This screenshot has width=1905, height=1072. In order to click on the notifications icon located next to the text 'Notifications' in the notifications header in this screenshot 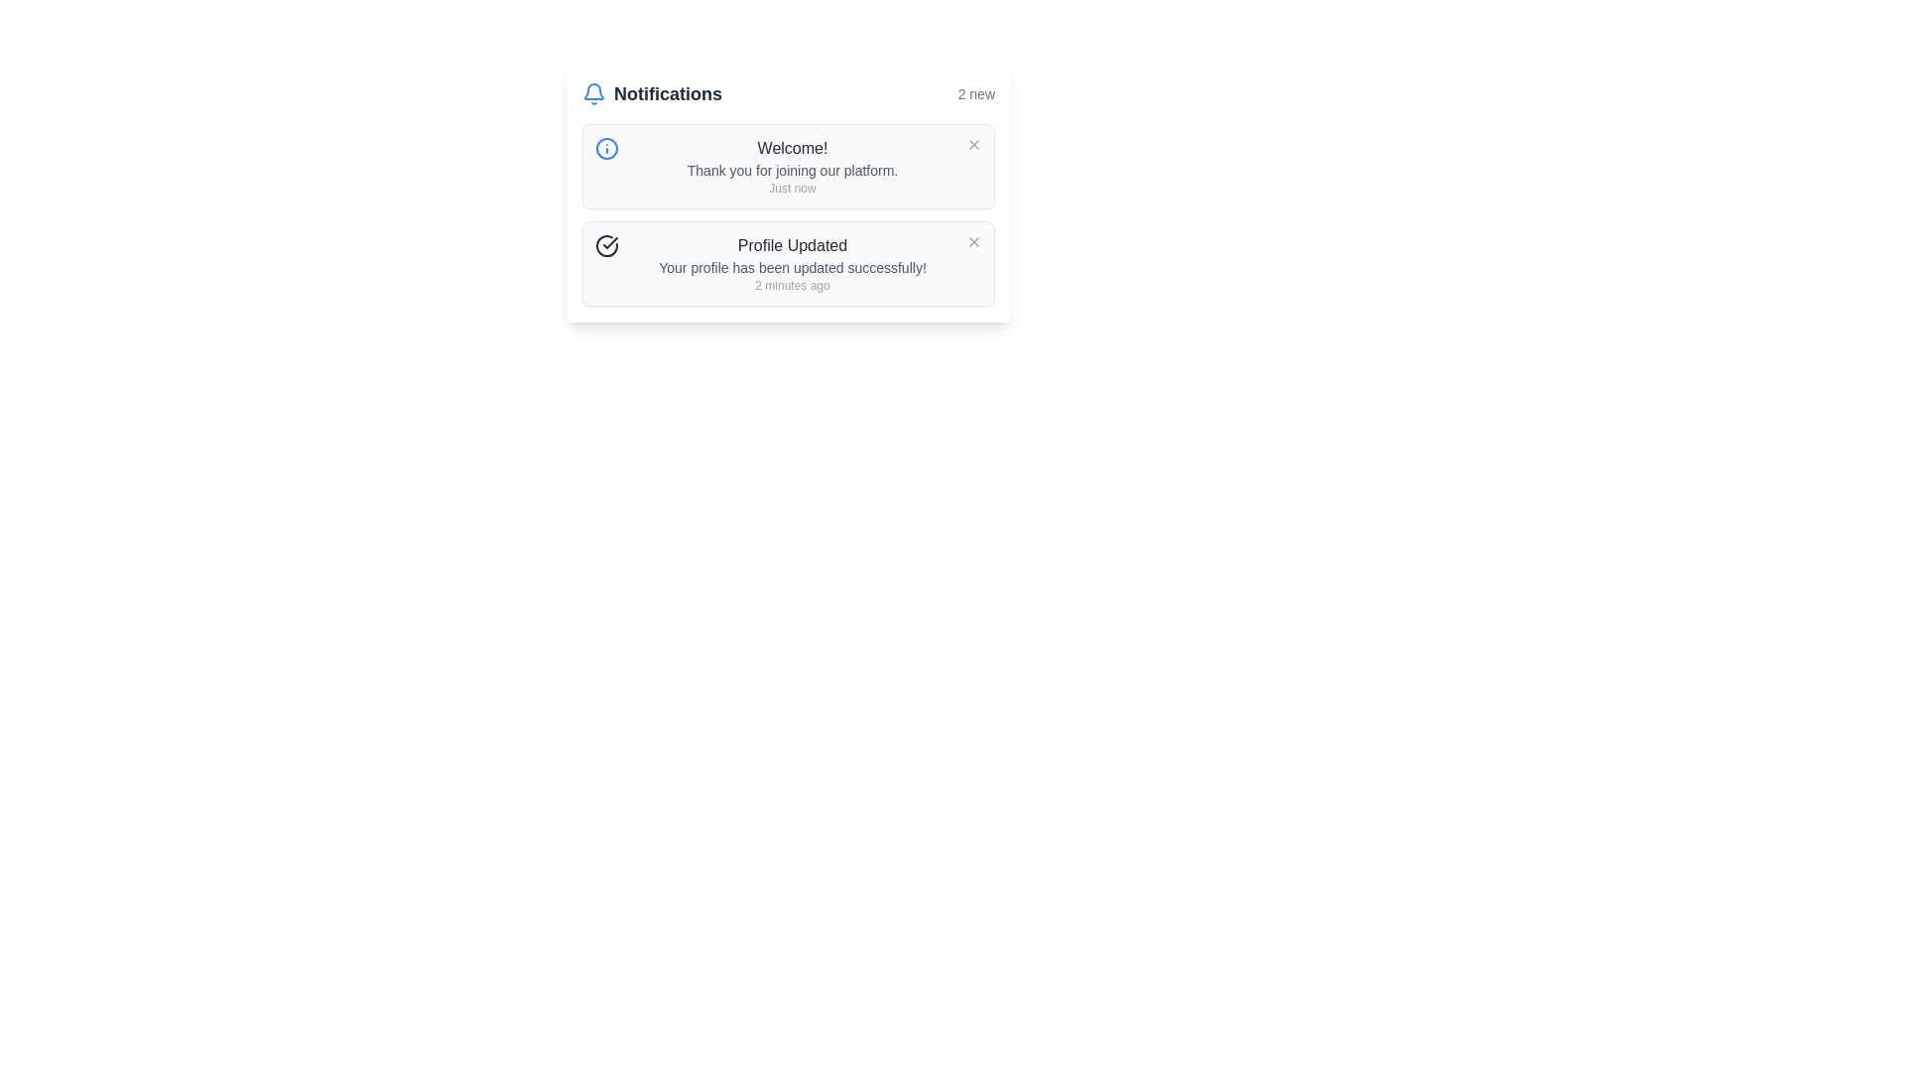, I will do `click(593, 94)`.